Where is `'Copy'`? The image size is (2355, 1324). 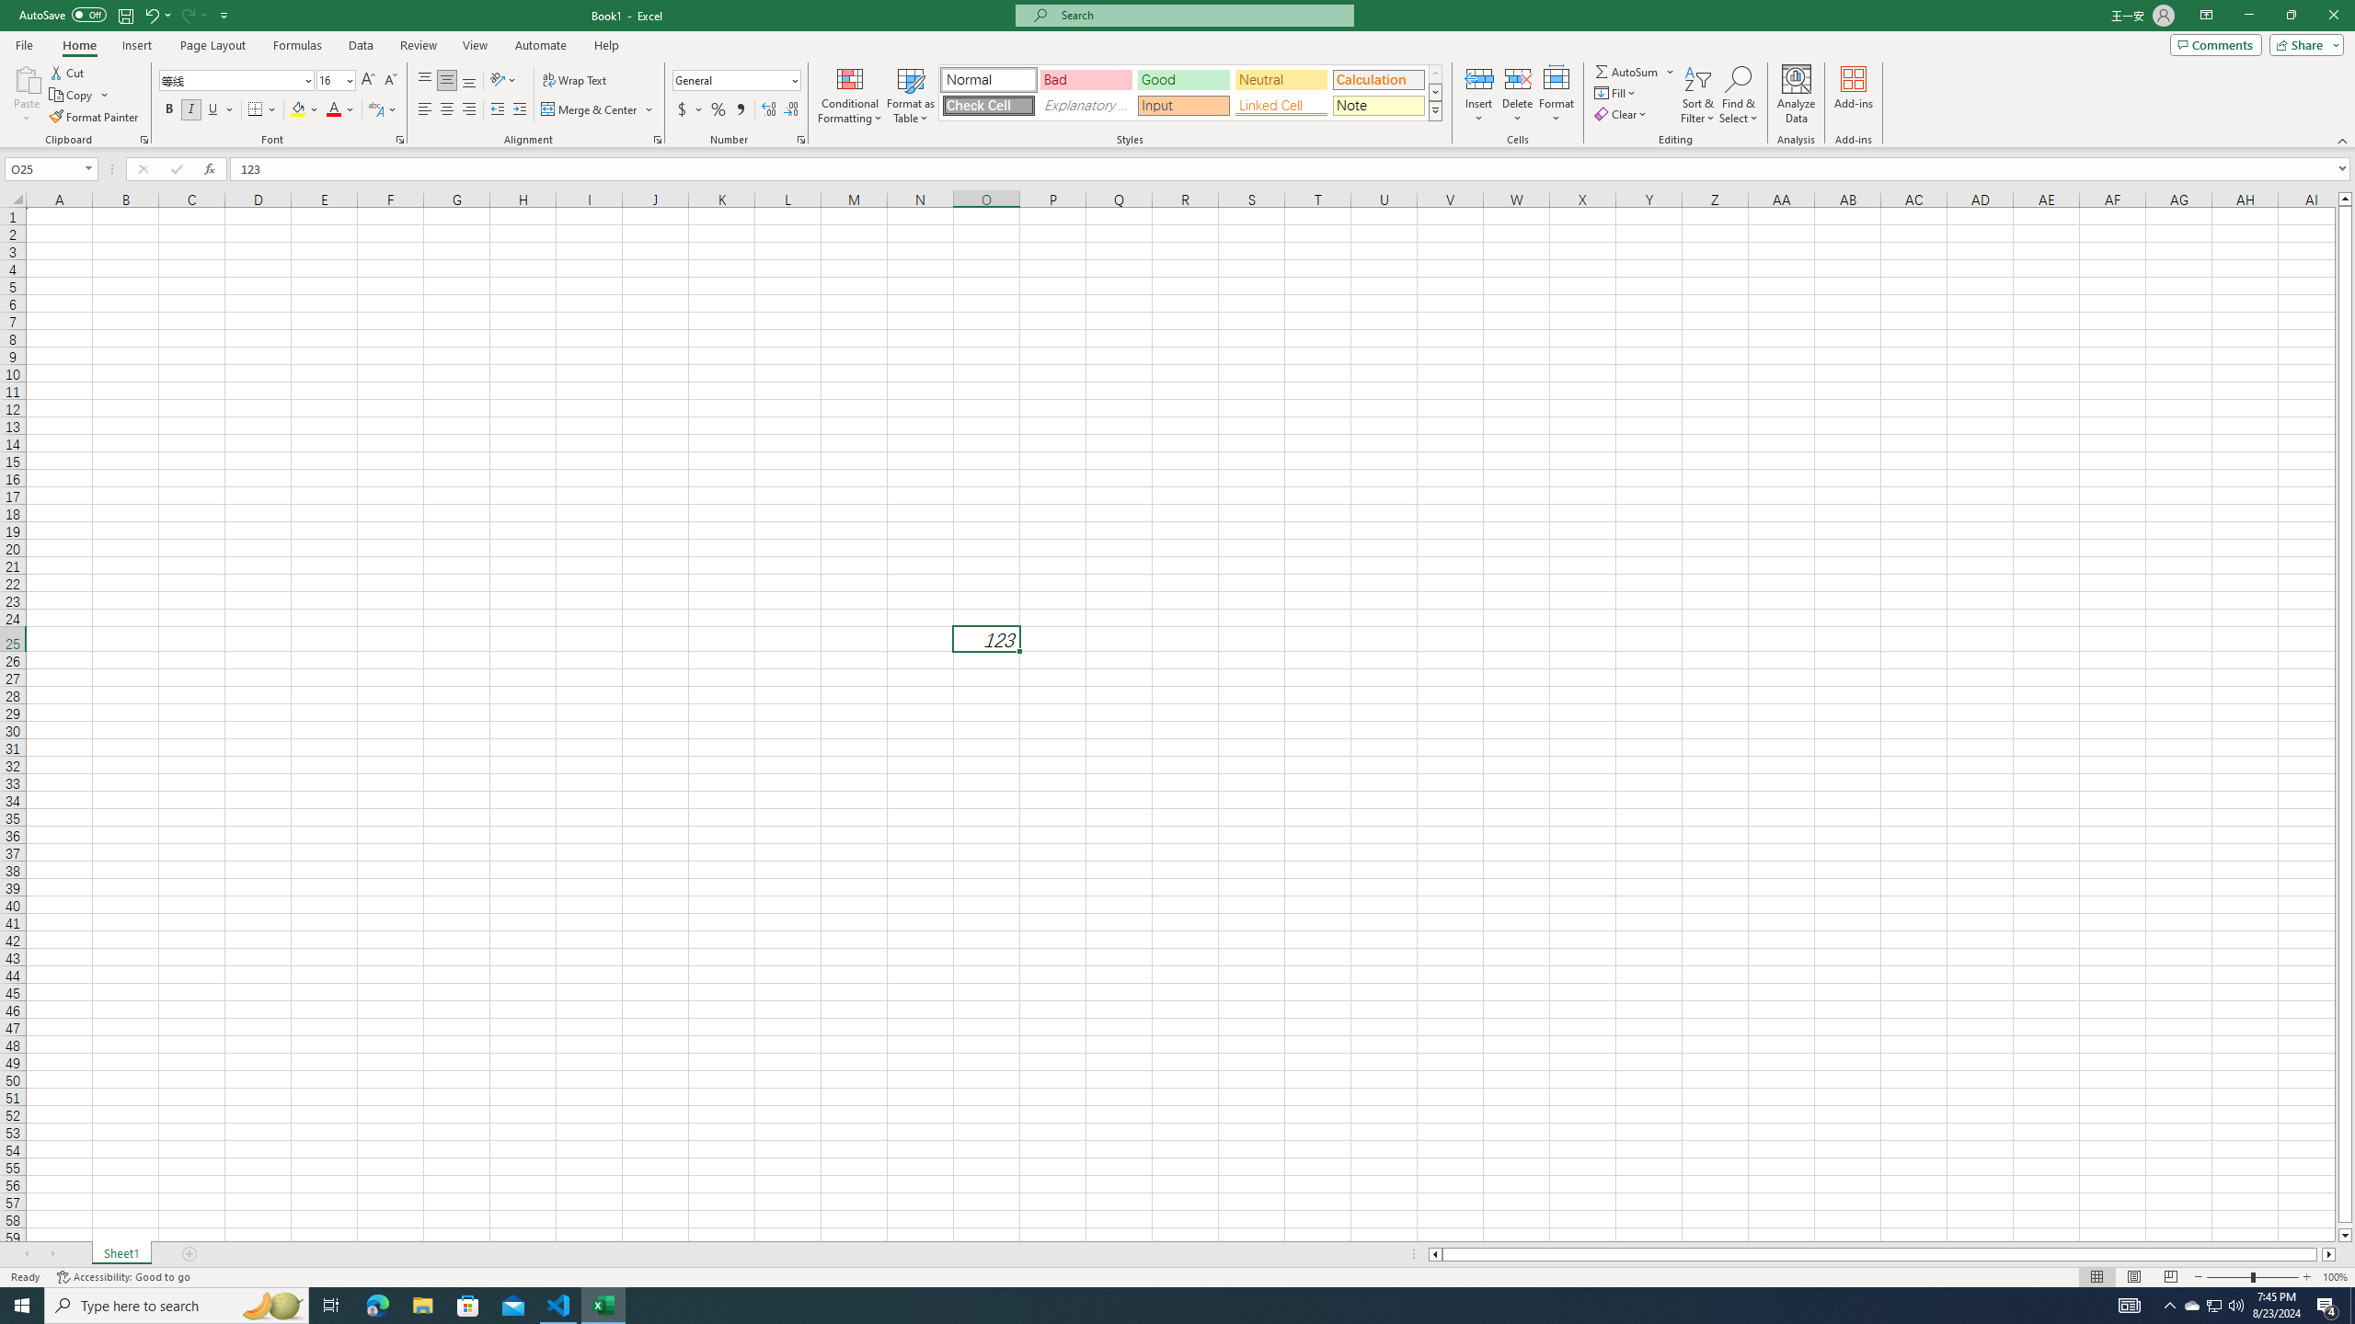
'Copy' is located at coordinates (79, 95).